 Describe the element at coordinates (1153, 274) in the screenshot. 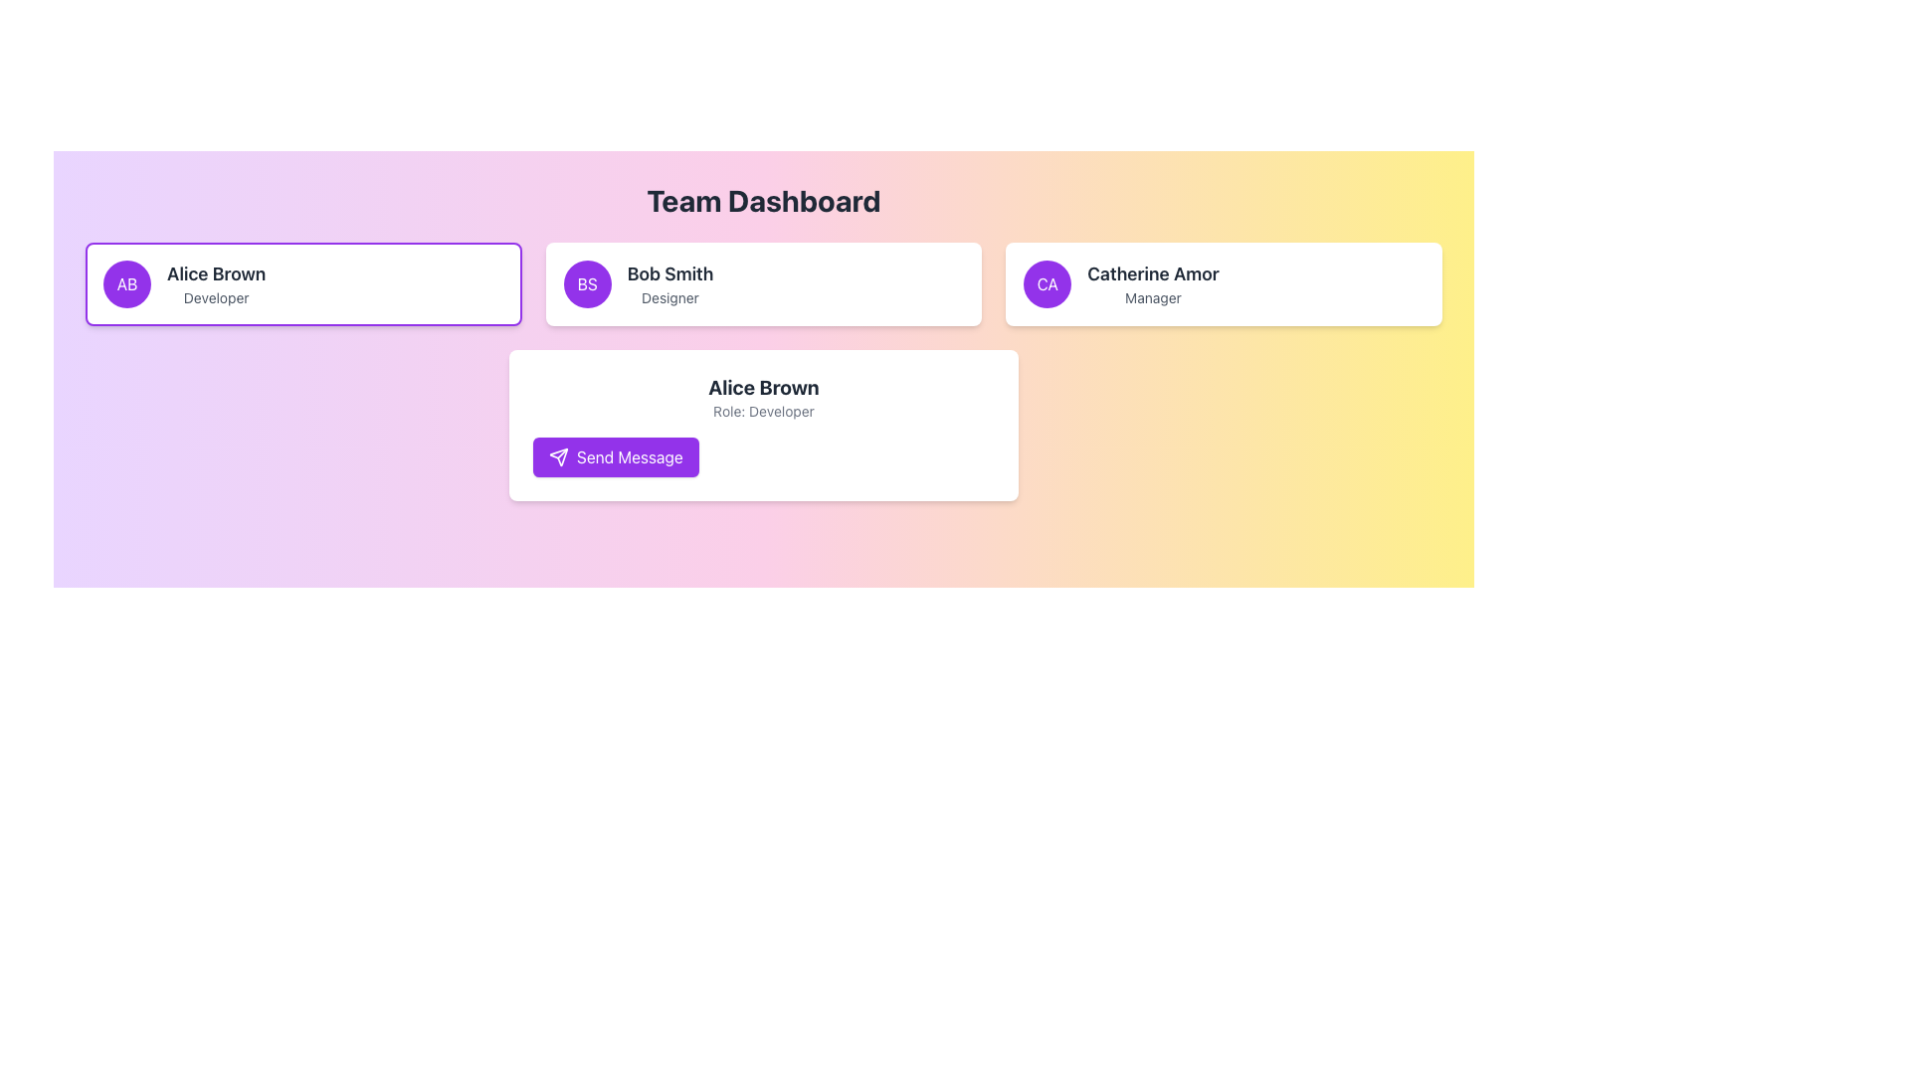

I see `the text label displaying 'Catherine Amor', which is bold, larger, and dark gray, positioned above the 'Manager' text and near the purple circular icon with initials 'CA'` at that location.